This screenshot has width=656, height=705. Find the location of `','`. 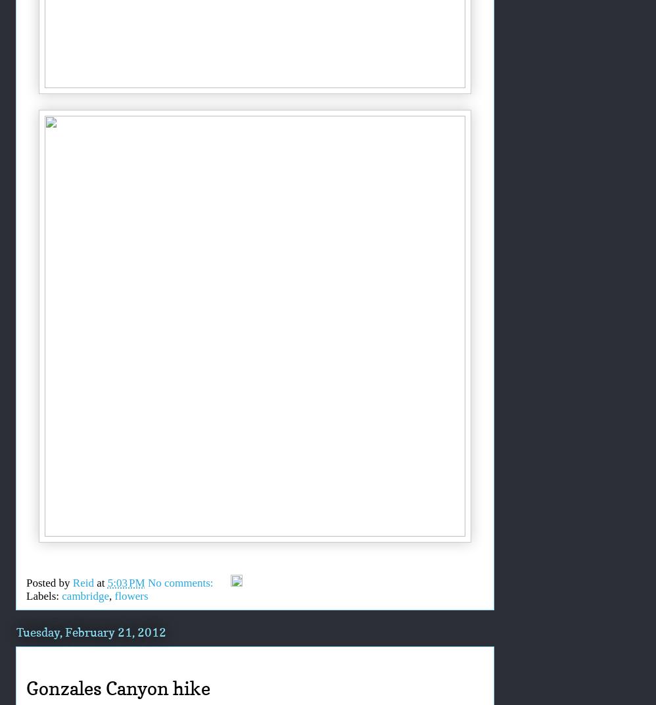

',' is located at coordinates (110, 596).